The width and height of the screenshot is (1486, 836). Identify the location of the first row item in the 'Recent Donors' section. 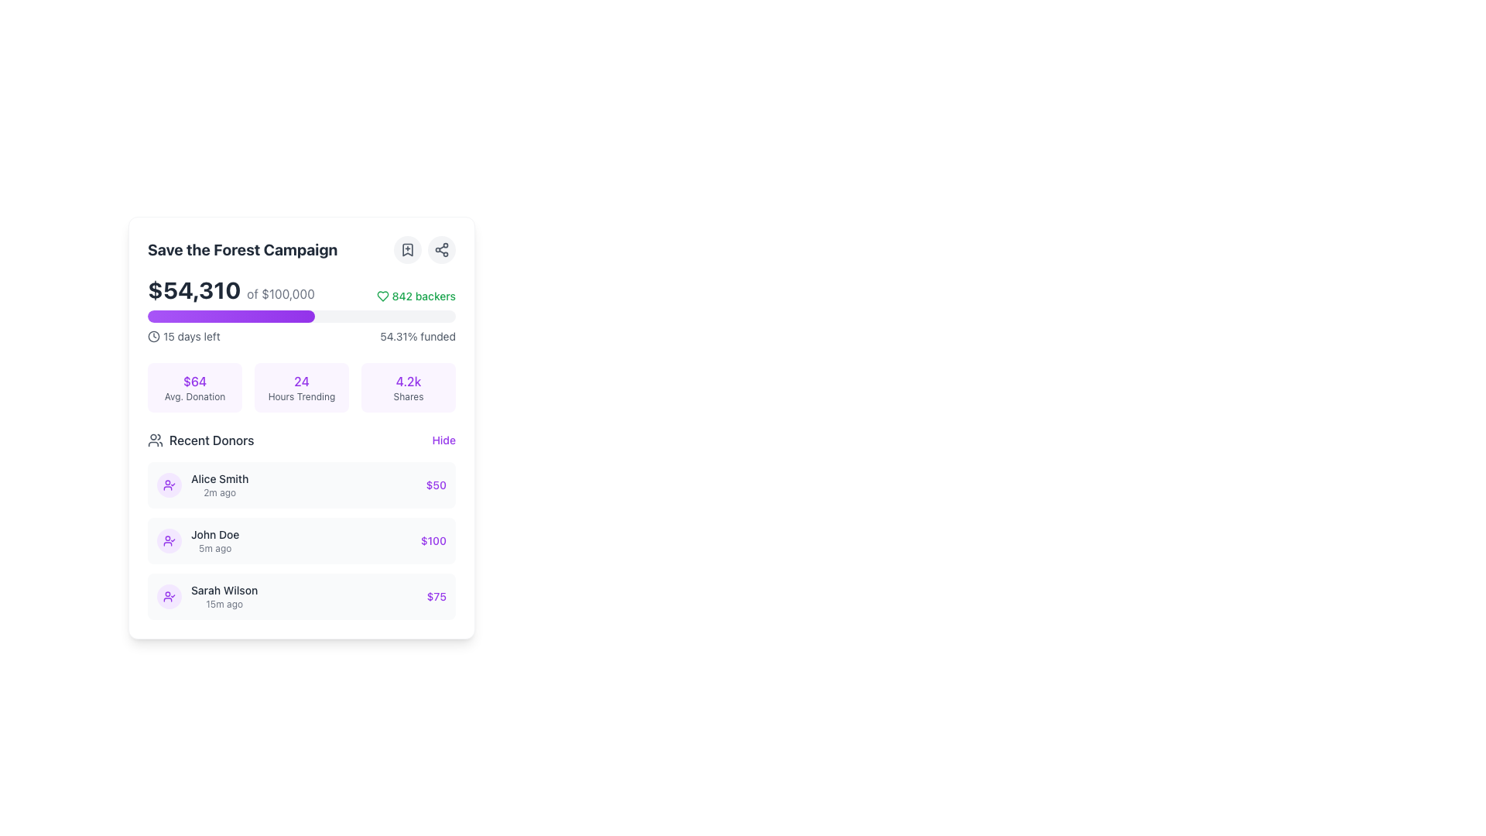
(301, 485).